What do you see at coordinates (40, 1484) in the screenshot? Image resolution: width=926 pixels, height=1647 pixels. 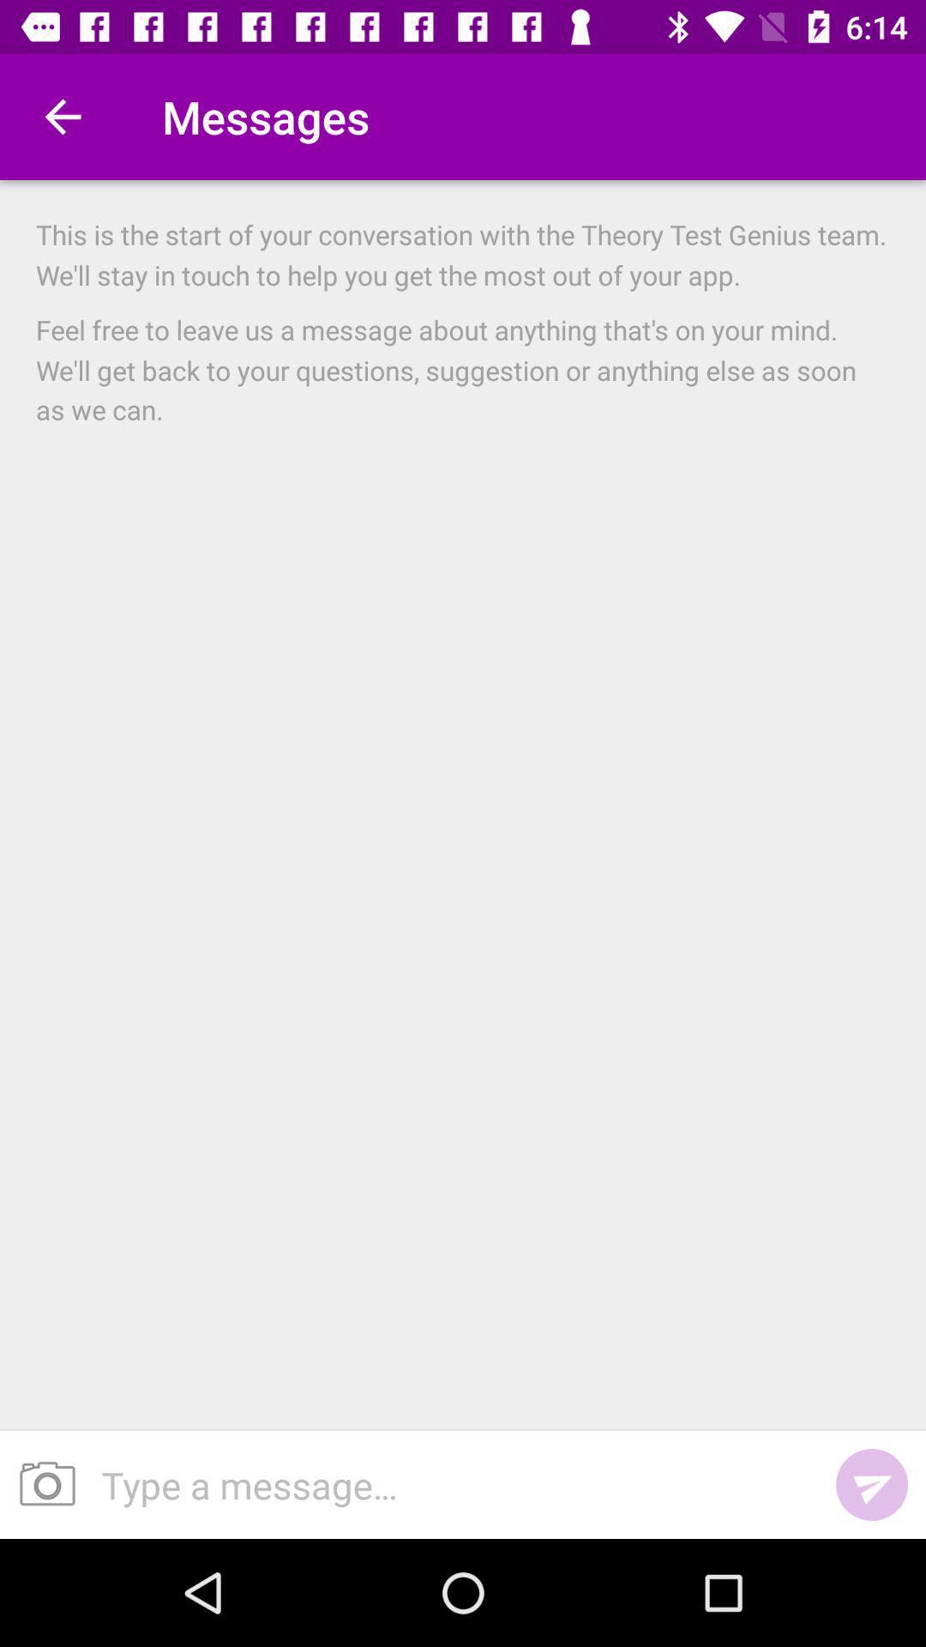 I see `the photo icon` at bounding box center [40, 1484].